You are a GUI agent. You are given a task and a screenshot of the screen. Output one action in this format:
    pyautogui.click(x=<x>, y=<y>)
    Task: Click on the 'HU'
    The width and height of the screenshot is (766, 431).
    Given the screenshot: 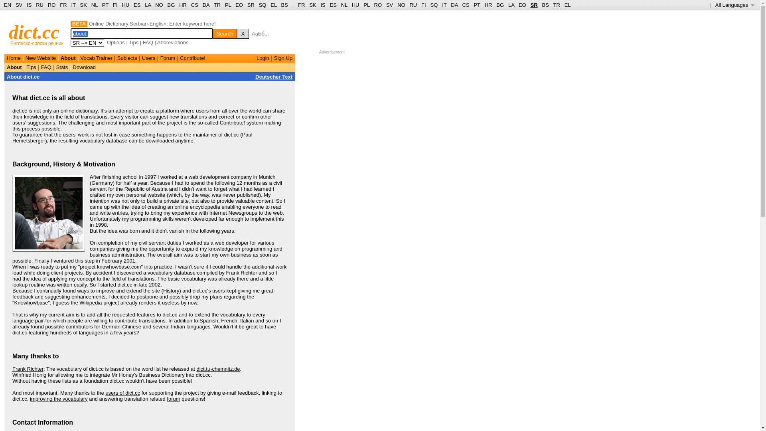 What is the action you would take?
    pyautogui.click(x=121, y=5)
    